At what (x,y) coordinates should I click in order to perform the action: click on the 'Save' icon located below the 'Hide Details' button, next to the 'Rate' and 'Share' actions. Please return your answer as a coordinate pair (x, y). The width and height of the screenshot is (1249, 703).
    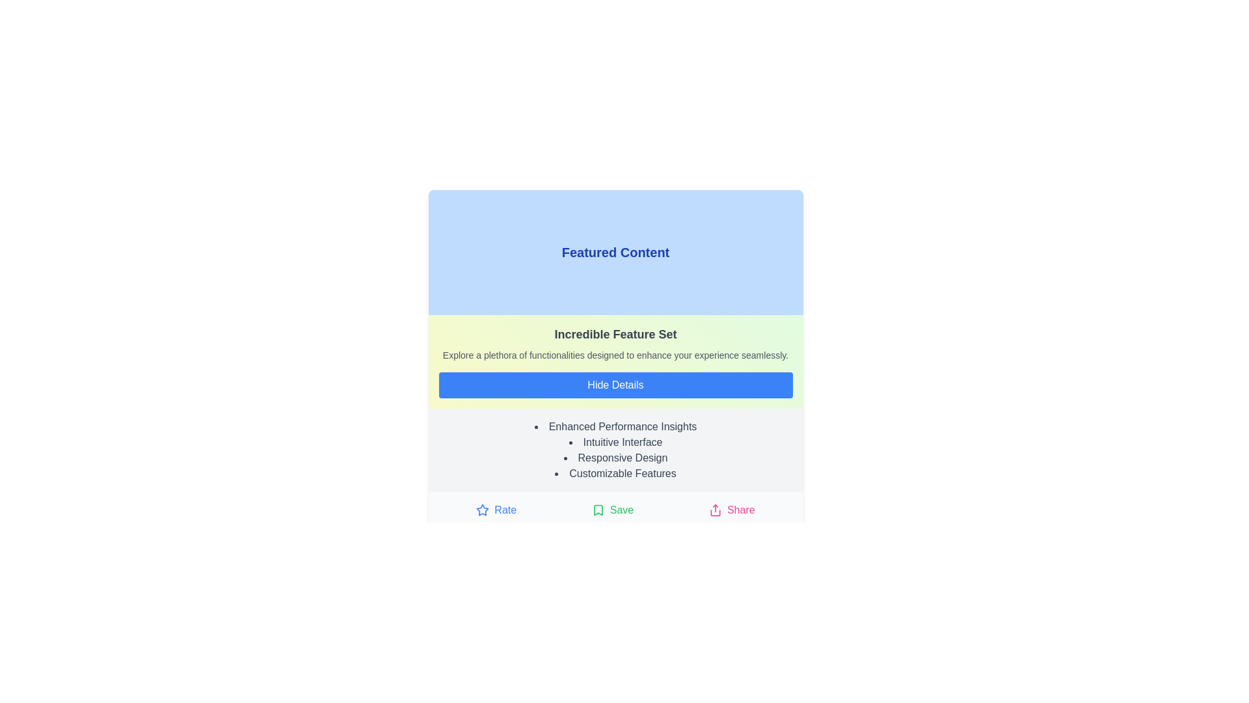
    Looking at the image, I should click on (597, 509).